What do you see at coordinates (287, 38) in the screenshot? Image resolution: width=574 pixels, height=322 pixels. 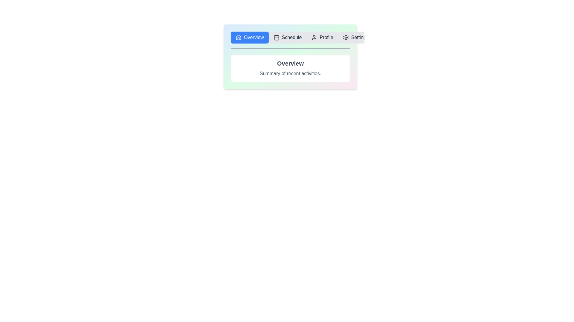 I see `the tab labeled Schedule` at bounding box center [287, 38].